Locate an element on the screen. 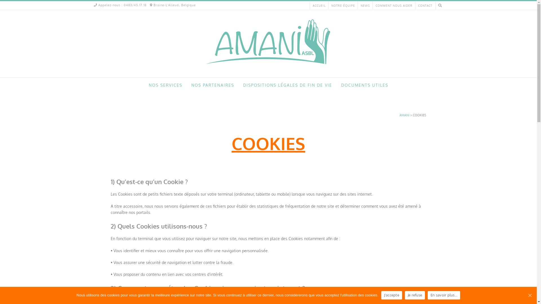  'NOS SERVICES' is located at coordinates (165, 86).